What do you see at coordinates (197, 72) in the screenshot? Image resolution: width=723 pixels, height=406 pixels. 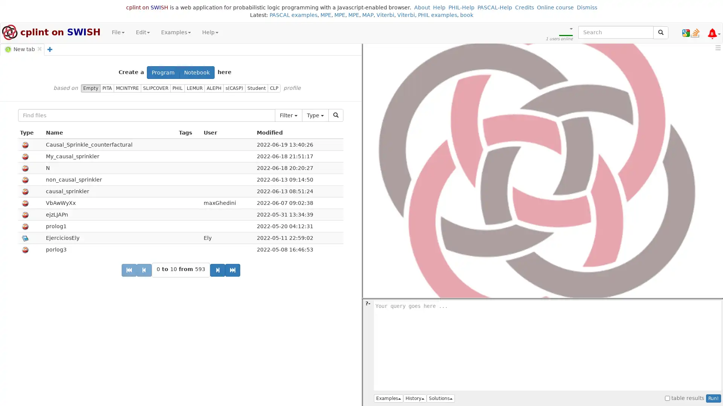 I see `Notebook` at bounding box center [197, 72].